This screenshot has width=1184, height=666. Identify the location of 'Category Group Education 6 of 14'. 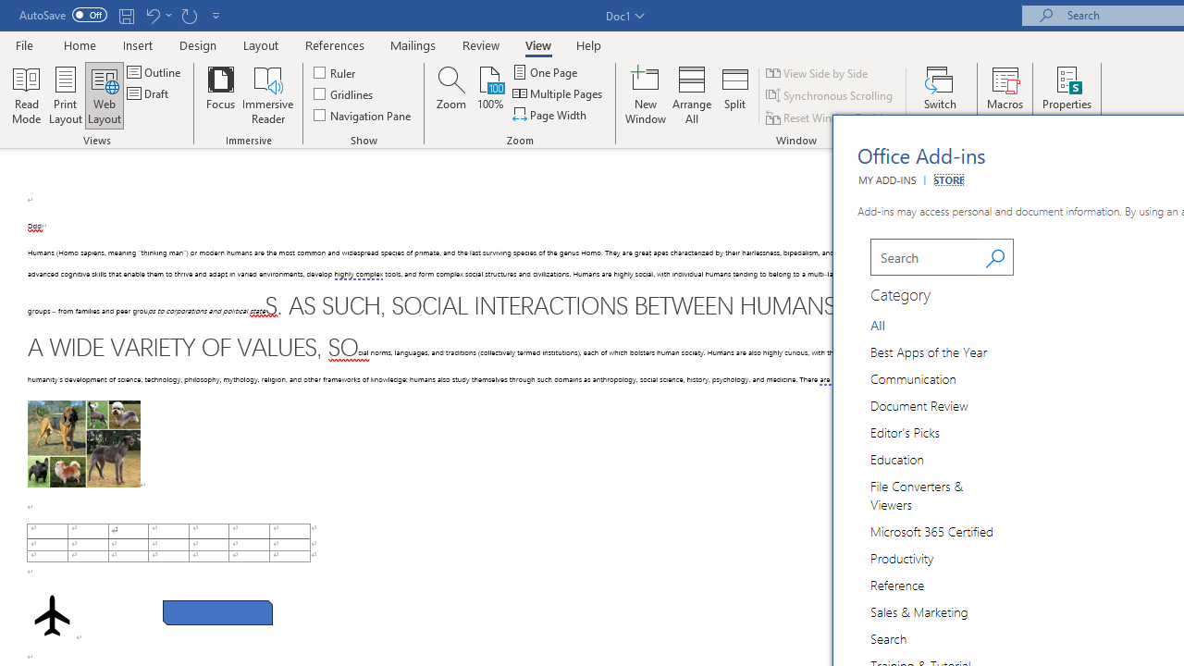
(901, 458).